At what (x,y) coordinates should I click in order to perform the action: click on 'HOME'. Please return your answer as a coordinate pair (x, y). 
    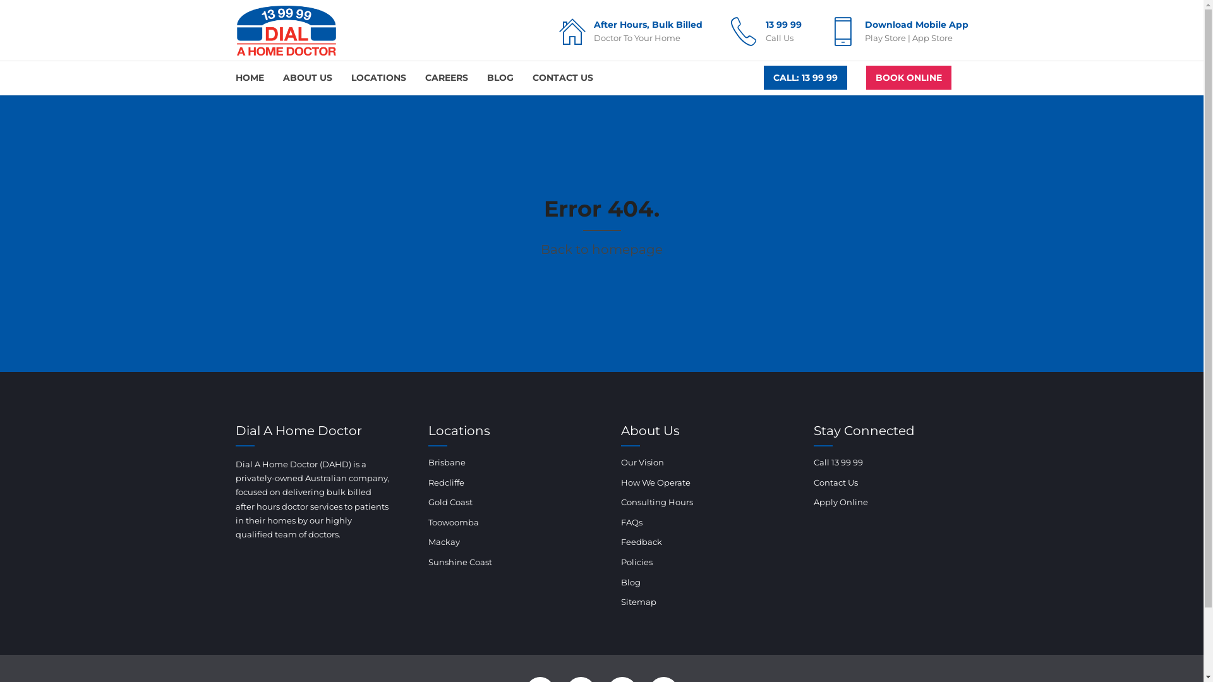
    Looking at the image, I should click on (249, 78).